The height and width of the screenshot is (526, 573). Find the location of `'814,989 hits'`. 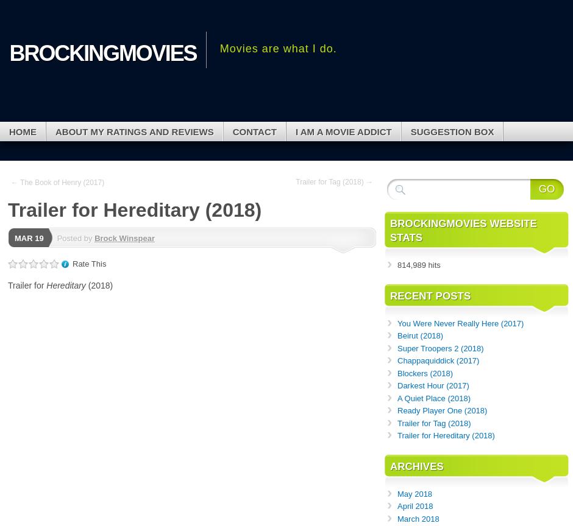

'814,989 hits' is located at coordinates (418, 265).